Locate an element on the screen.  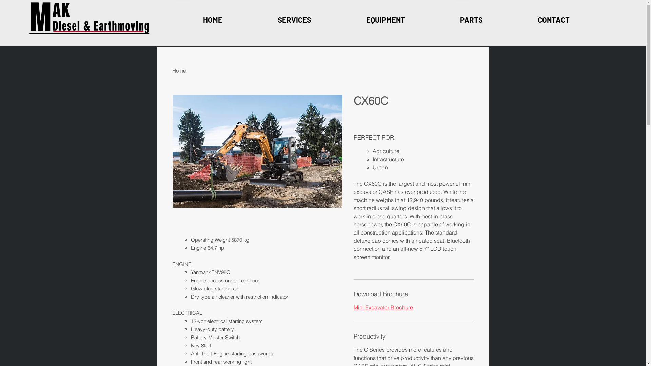
'SERVICES' is located at coordinates (294, 19).